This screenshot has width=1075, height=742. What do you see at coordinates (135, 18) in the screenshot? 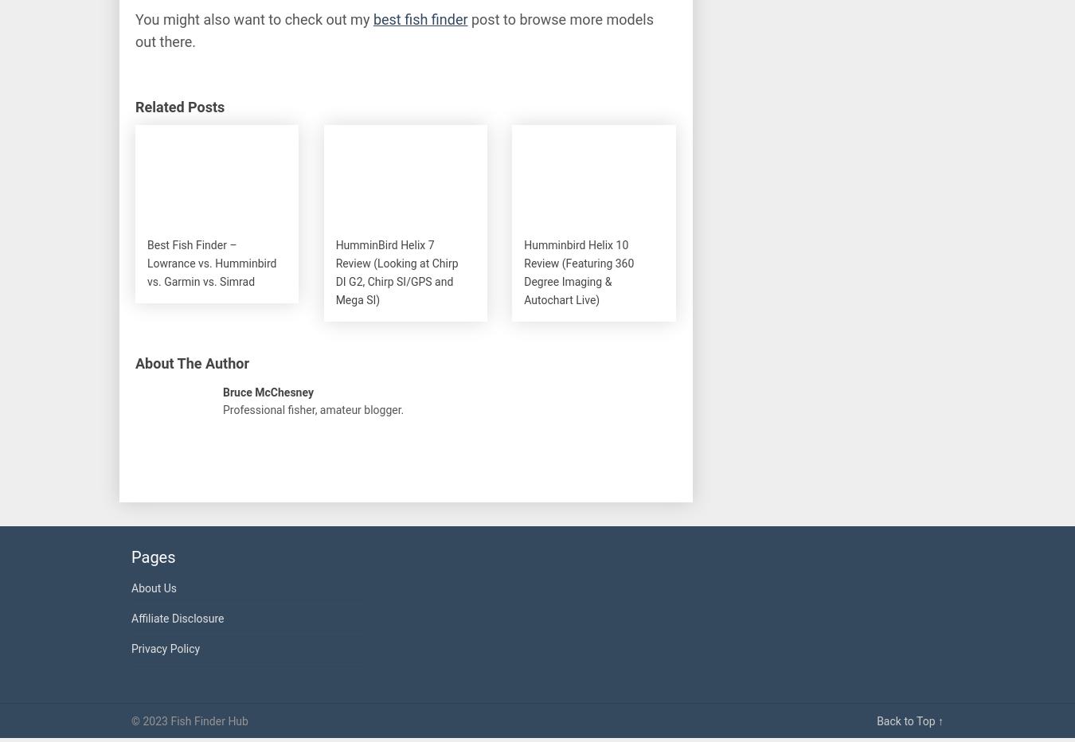
I see `'You might also want to check out my'` at bounding box center [135, 18].